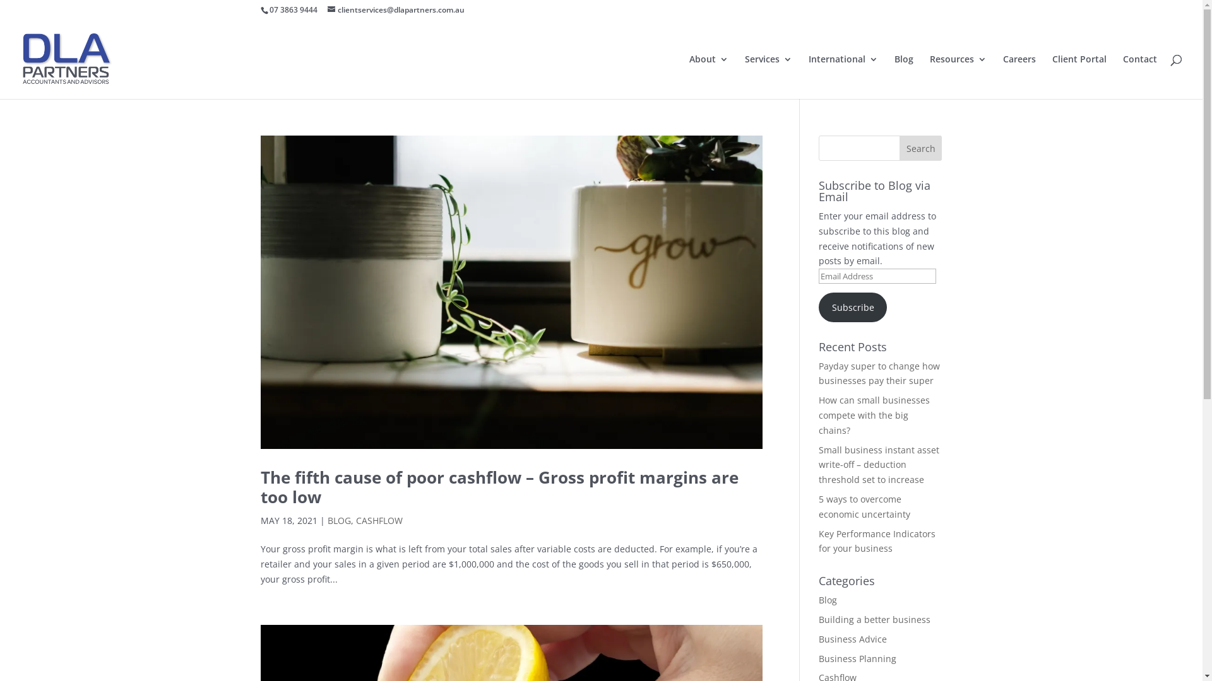 This screenshot has width=1212, height=681. I want to click on 'Services', so click(768, 77).